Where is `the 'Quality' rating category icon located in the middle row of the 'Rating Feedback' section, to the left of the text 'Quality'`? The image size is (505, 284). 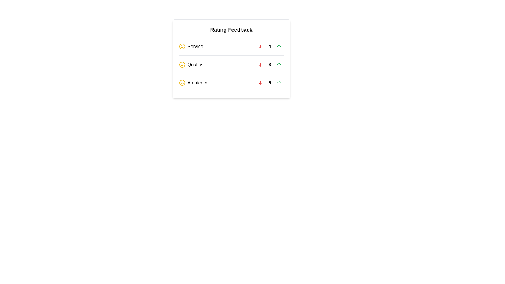 the 'Quality' rating category icon located in the middle row of the 'Rating Feedback' section, to the left of the text 'Quality' is located at coordinates (182, 64).